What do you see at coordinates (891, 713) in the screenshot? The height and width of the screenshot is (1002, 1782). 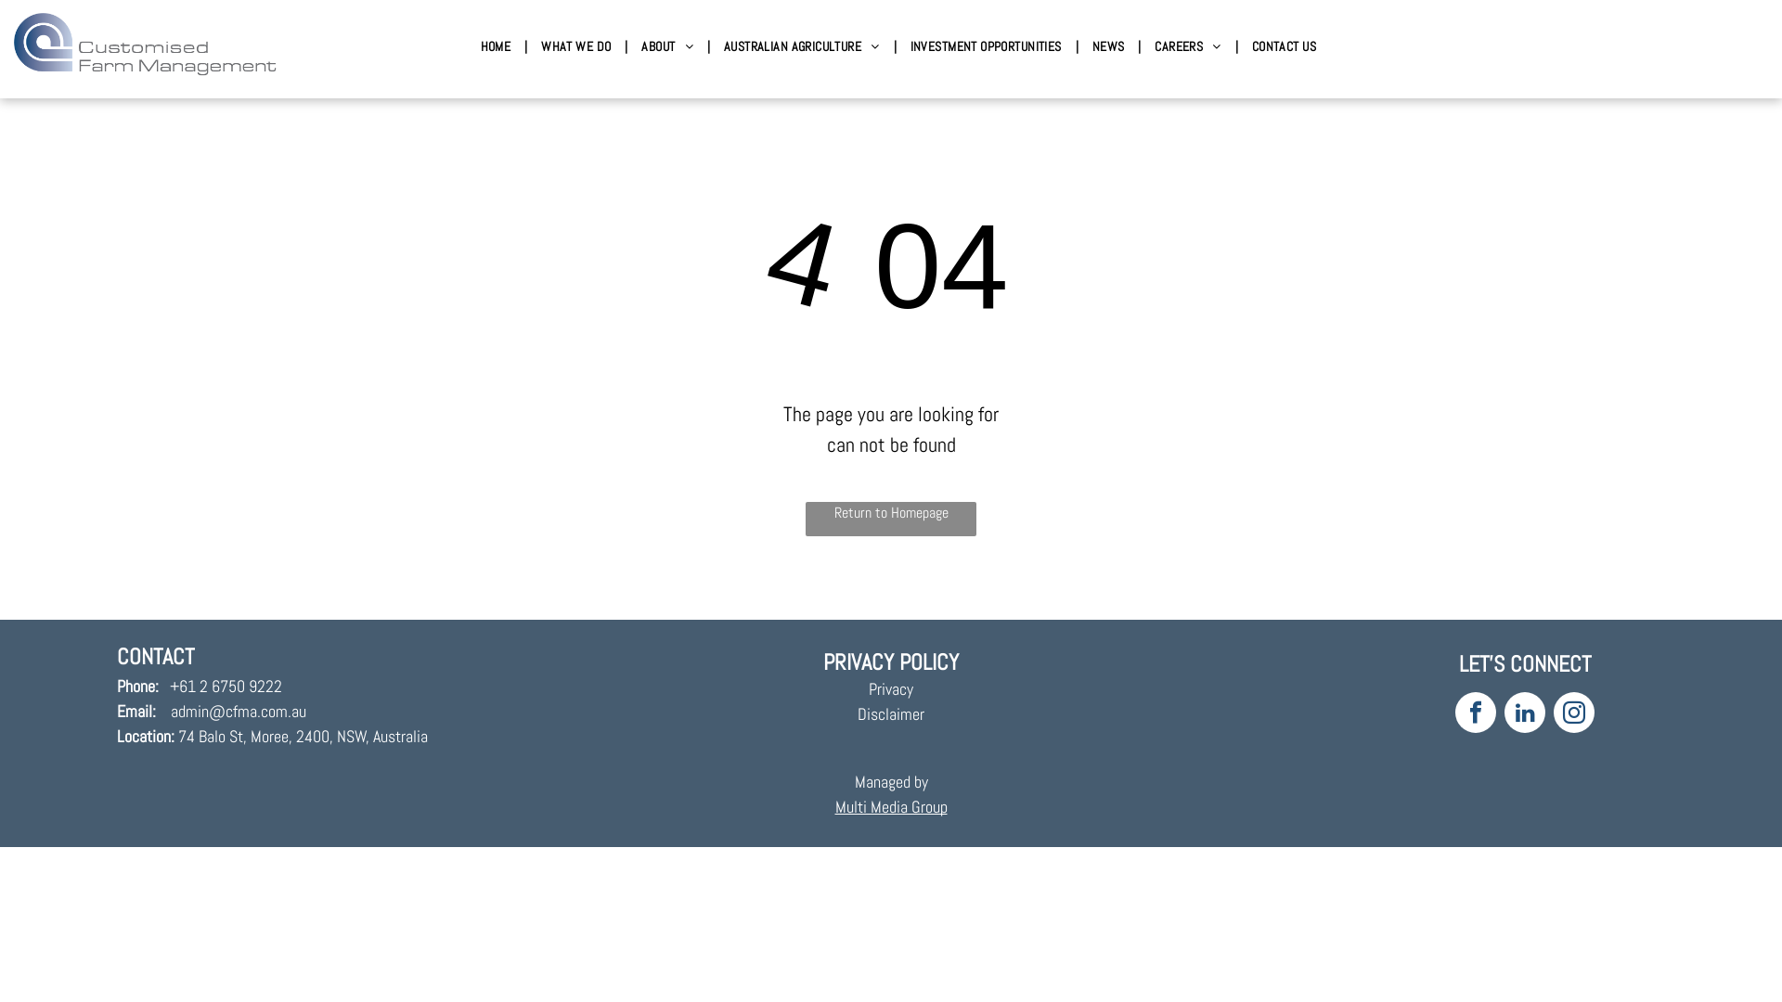 I see `'Disclaimer'` at bounding box center [891, 713].